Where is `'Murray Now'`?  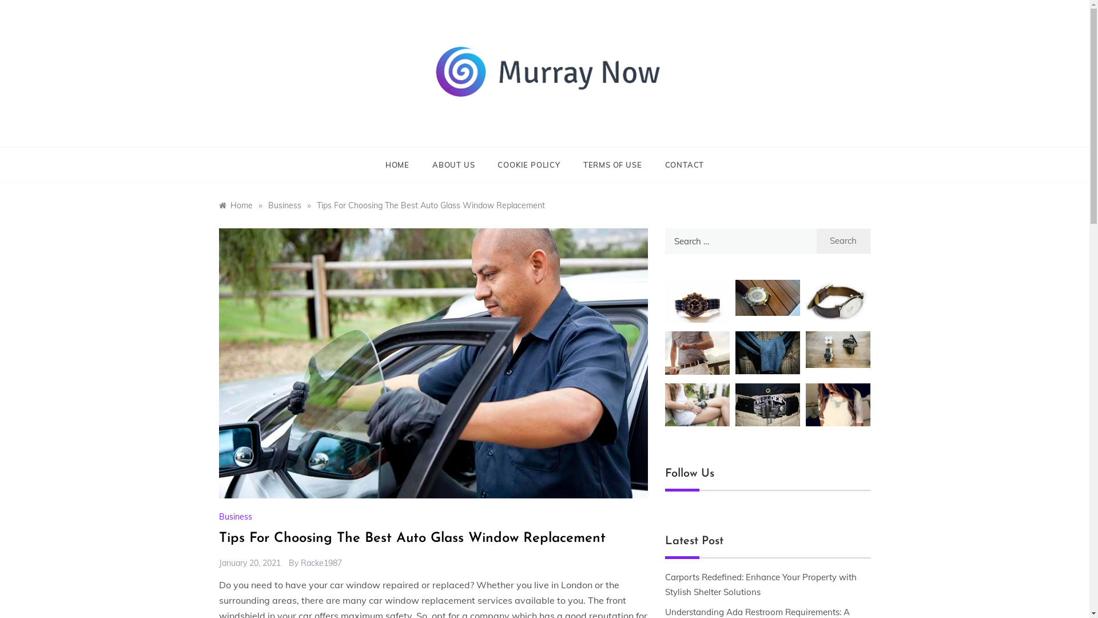
'Murray Now' is located at coordinates (499, 136).